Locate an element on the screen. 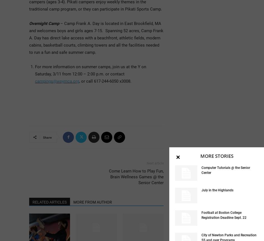  'Next article' is located at coordinates (147, 163).